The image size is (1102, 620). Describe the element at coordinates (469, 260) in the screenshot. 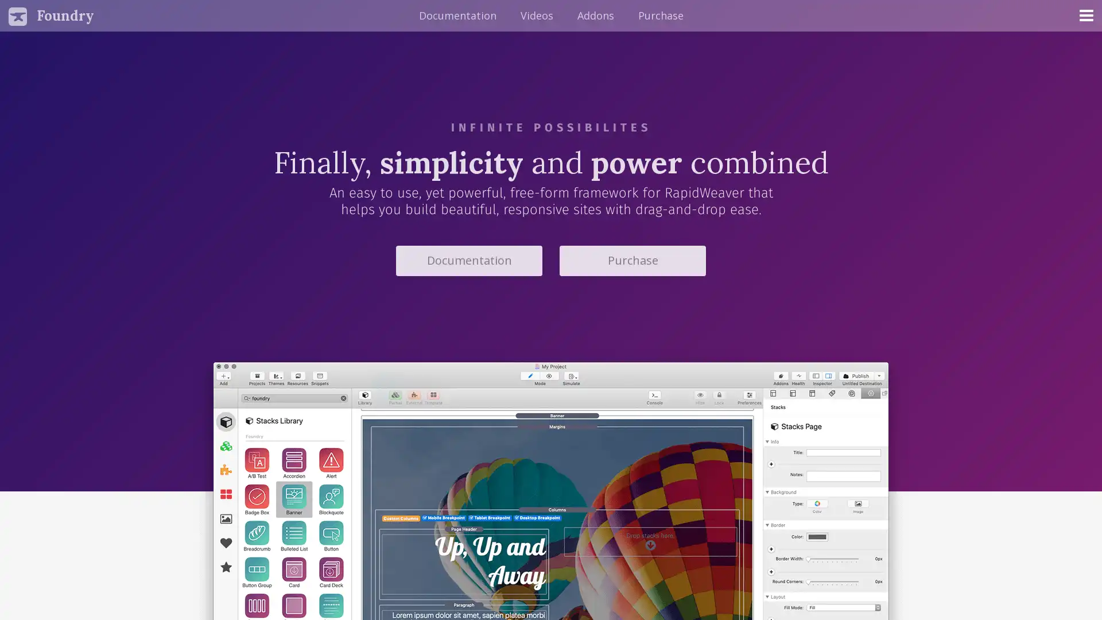

I see `Documentation` at that location.